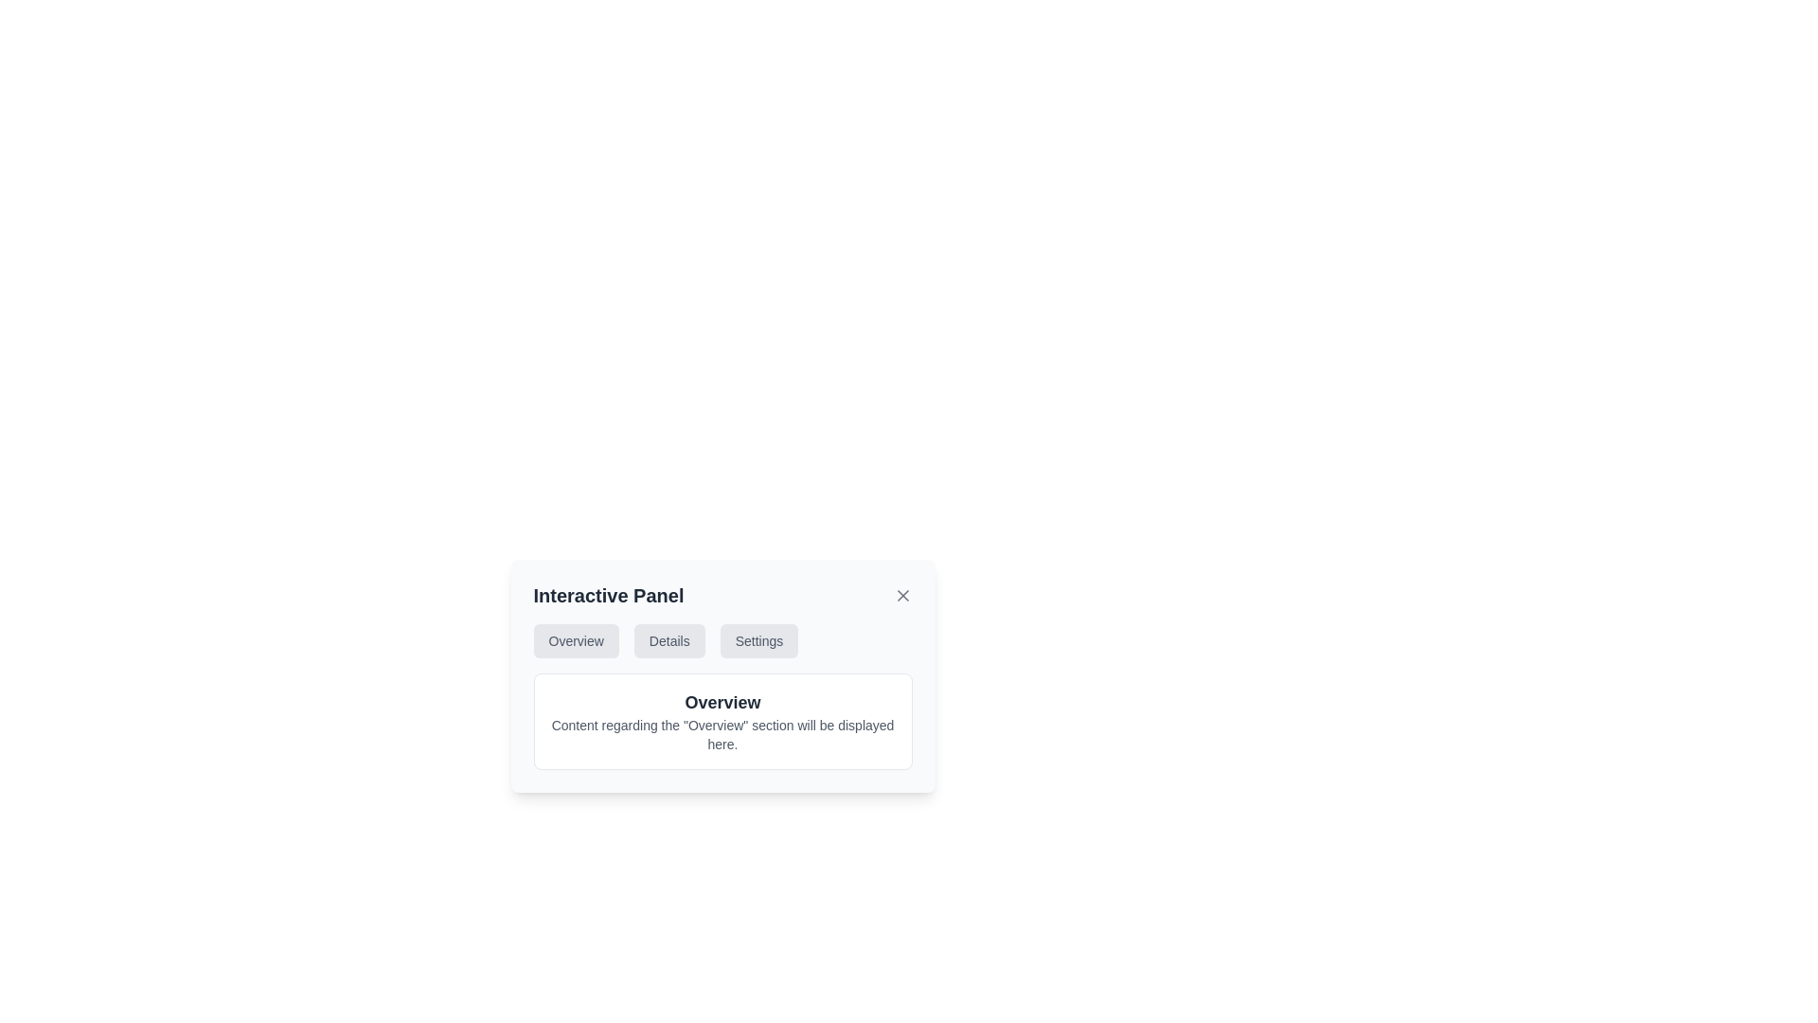  Describe the element at coordinates (901, 594) in the screenshot. I see `the close 'X' icon at the top-right of the 'Interactive Panel' to possibly reveal a tooltip or visual feedback` at that location.